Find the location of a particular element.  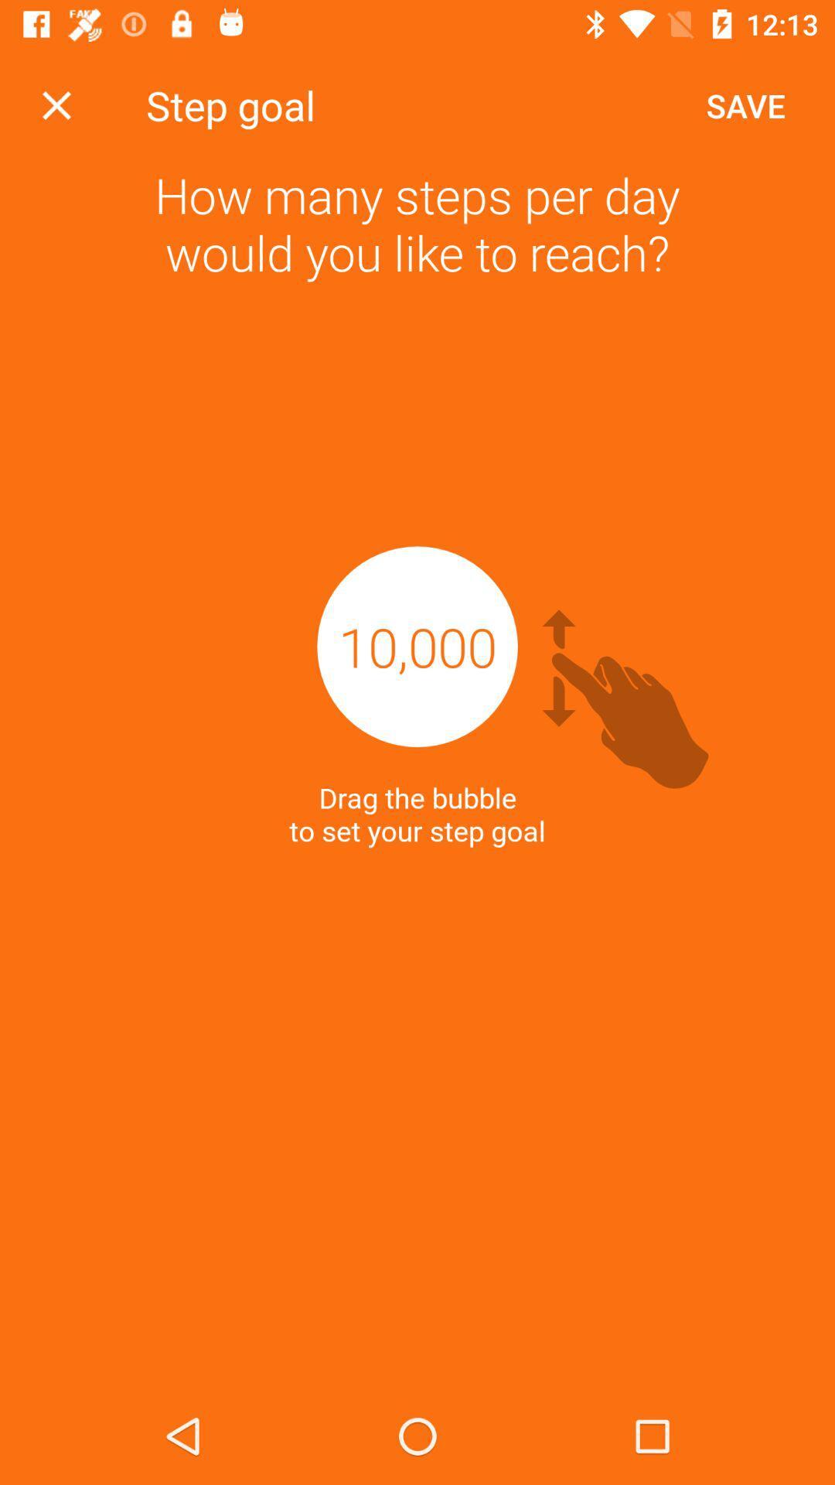

icon next to the step goal icon is located at coordinates (56, 104).